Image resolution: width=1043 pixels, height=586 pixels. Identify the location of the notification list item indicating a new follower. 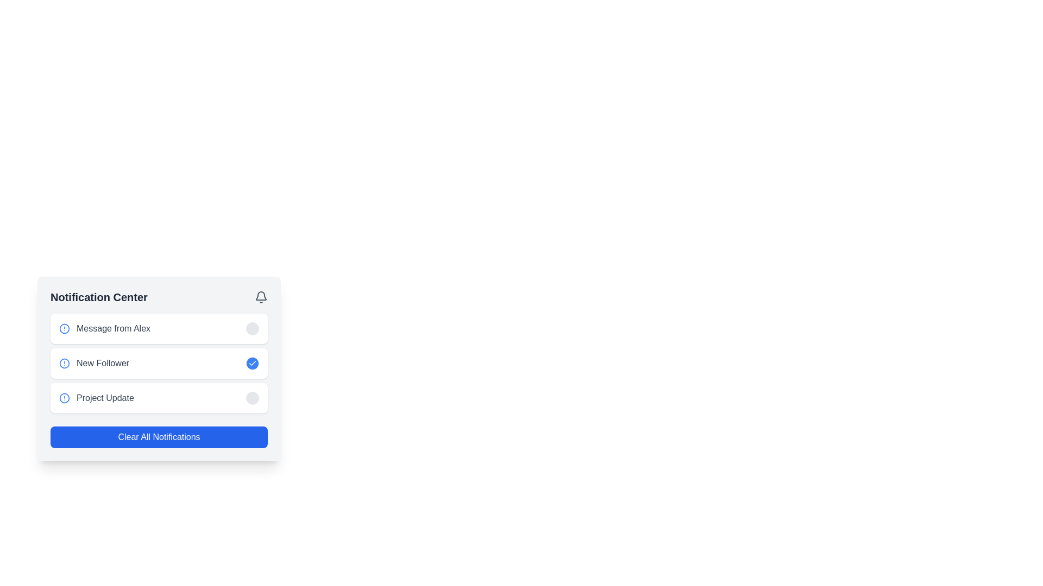
(158, 364).